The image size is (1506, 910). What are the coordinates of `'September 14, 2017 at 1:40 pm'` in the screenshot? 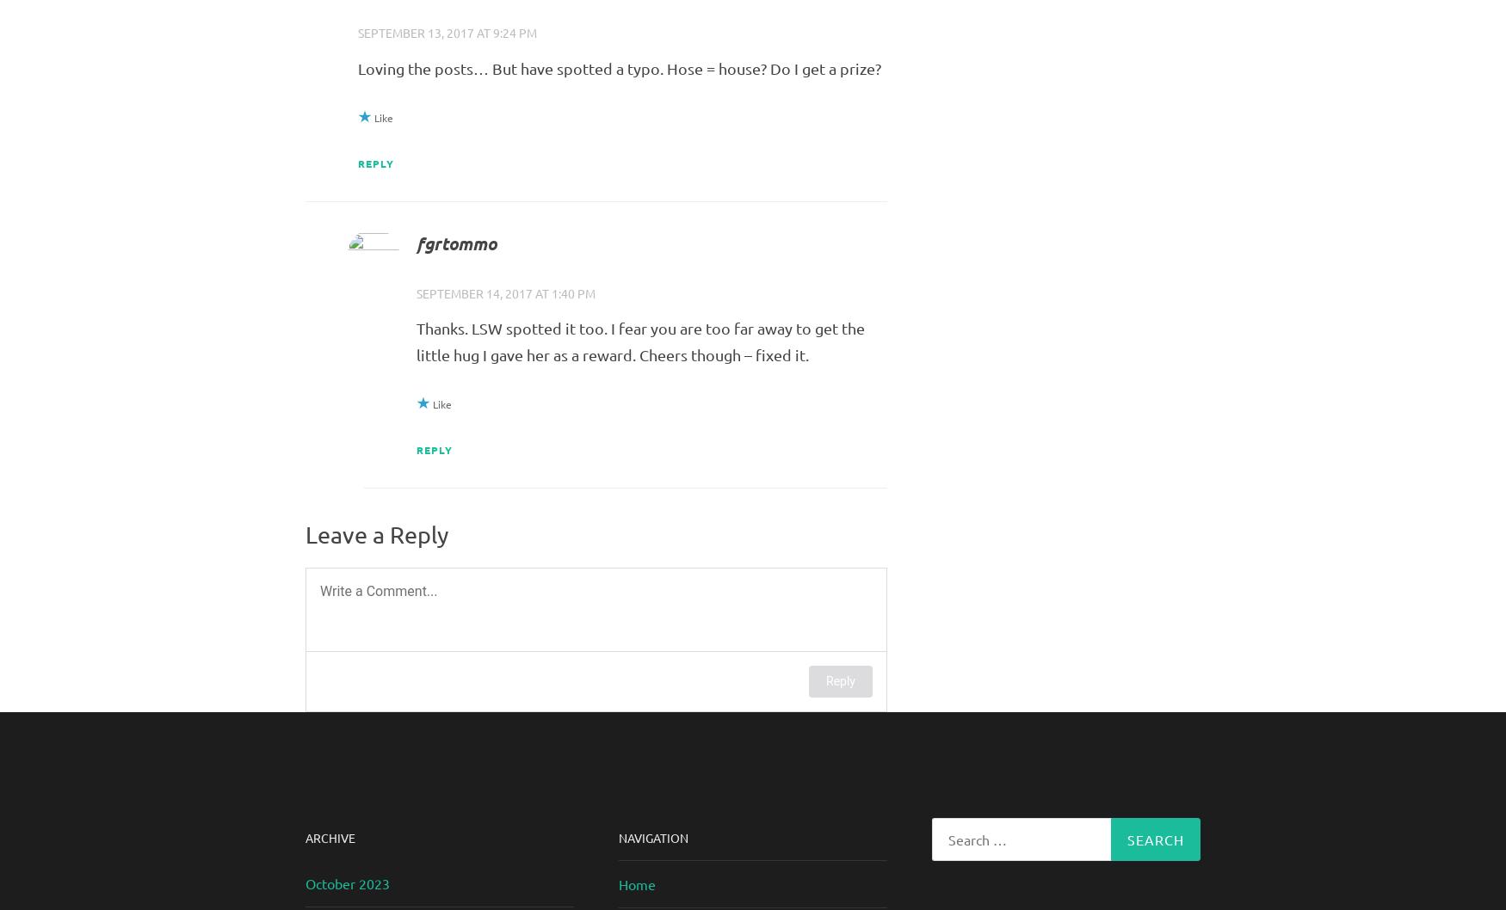 It's located at (504, 292).